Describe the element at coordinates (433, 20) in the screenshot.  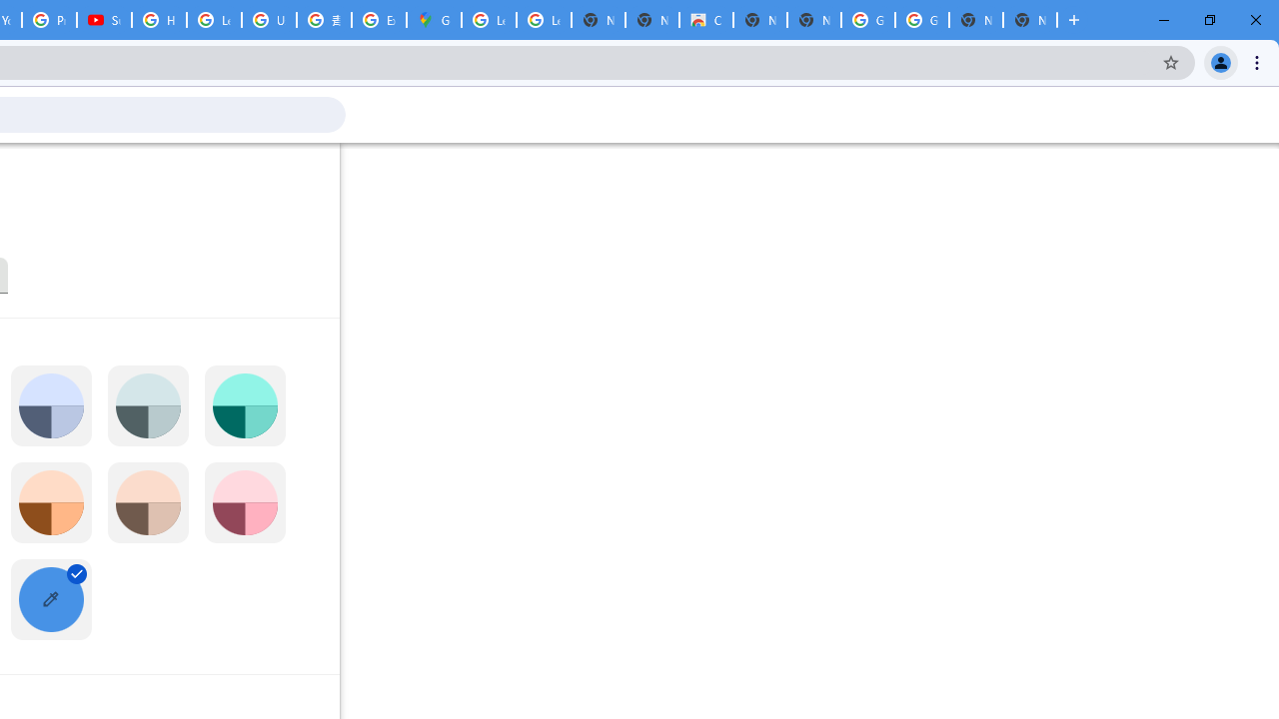
I see `'Google Maps'` at that location.